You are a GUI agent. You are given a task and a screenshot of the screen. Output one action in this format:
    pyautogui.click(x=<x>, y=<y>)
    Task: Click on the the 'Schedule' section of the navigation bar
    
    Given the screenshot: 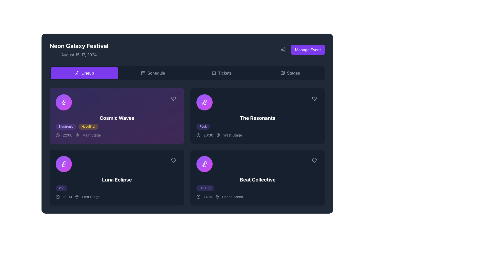 What is the action you would take?
    pyautogui.click(x=187, y=73)
    